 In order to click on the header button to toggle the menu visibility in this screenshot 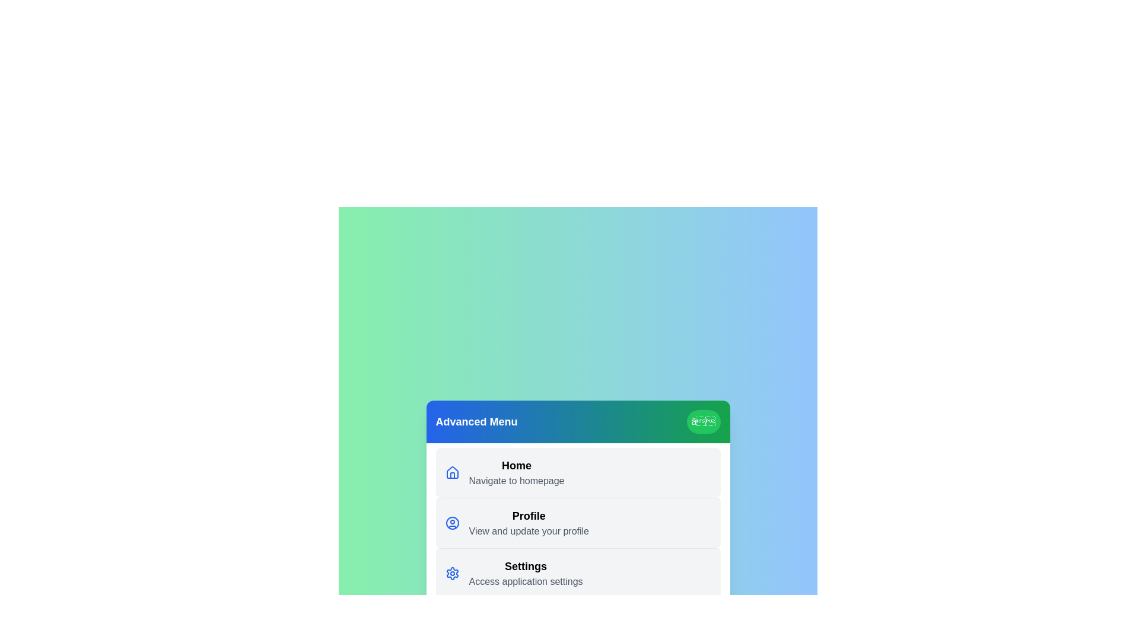, I will do `click(703, 420)`.